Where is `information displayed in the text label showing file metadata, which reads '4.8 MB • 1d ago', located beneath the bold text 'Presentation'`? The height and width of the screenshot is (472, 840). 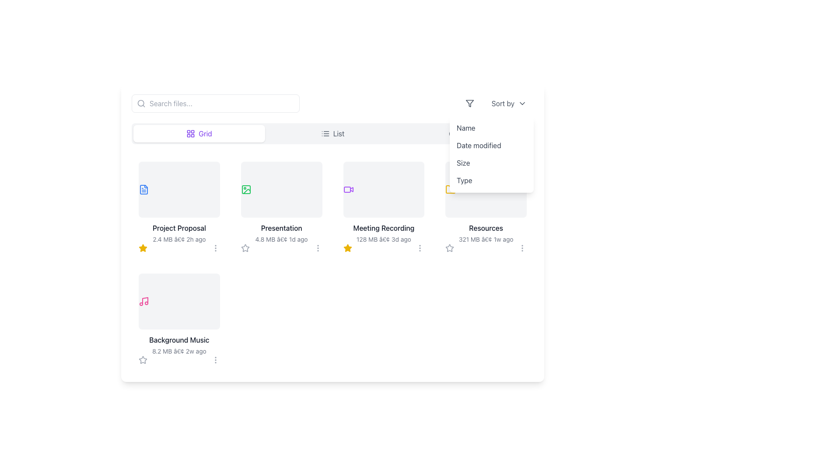
information displayed in the text label showing file metadata, which reads '4.8 MB • 1d ago', located beneath the bold text 'Presentation' is located at coordinates (281, 239).